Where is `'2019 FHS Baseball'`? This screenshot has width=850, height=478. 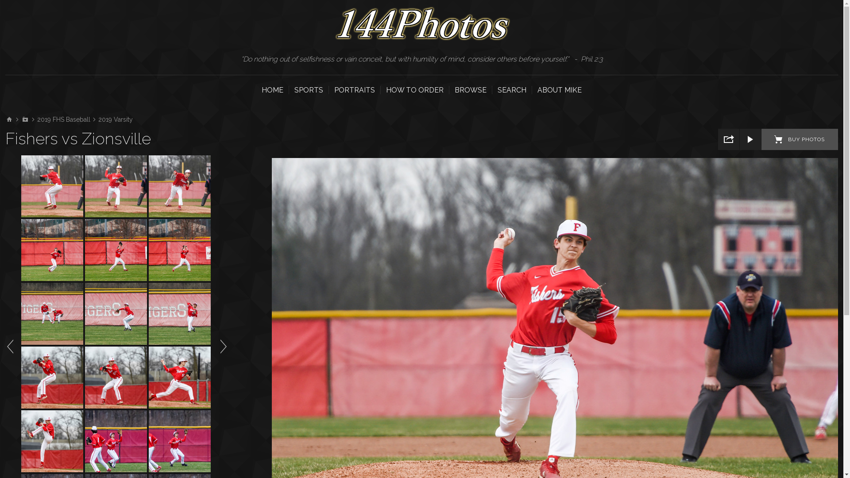 '2019 FHS Baseball' is located at coordinates (36, 119).